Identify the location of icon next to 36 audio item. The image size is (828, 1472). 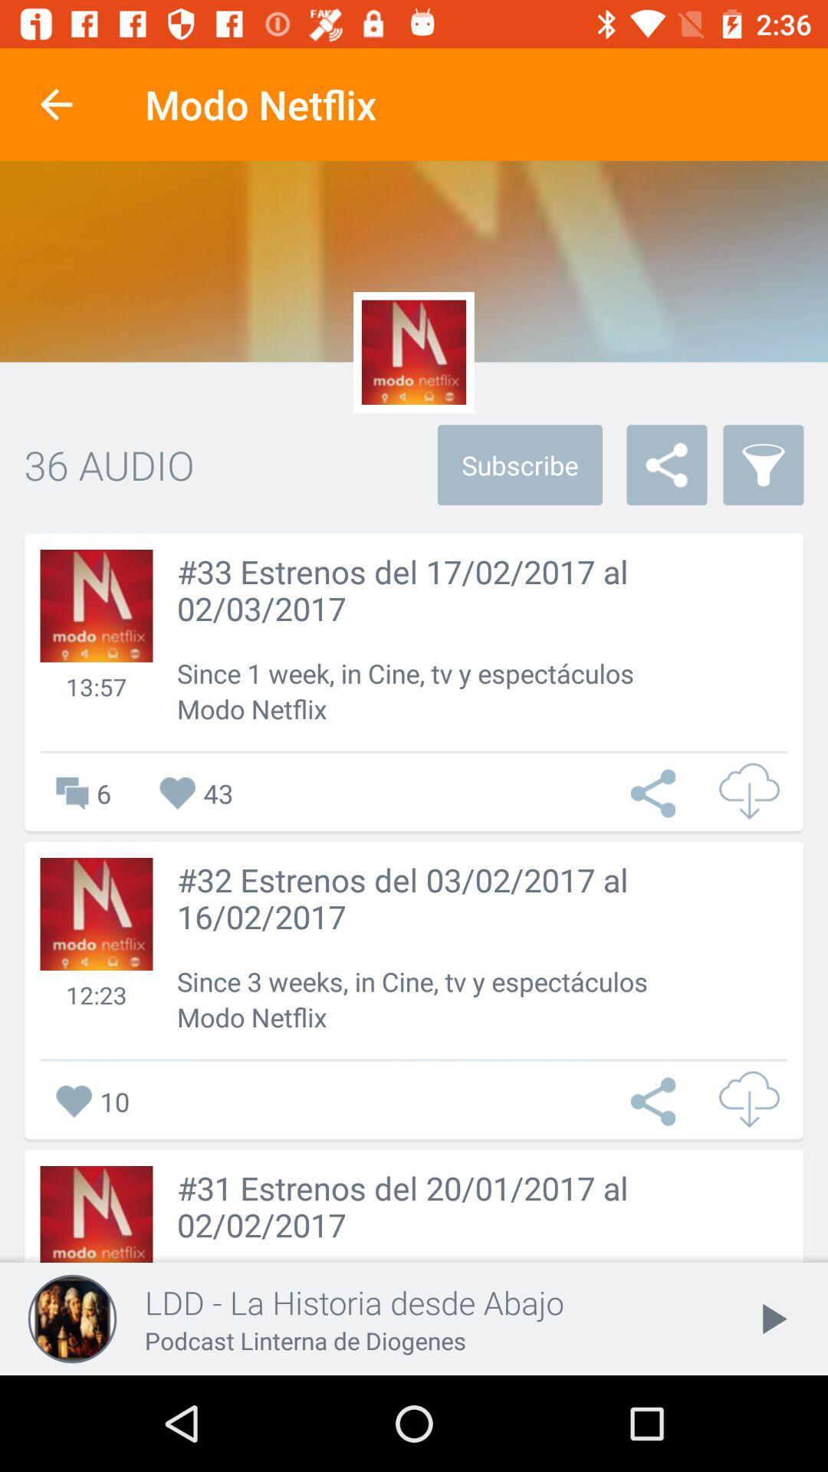
(519, 464).